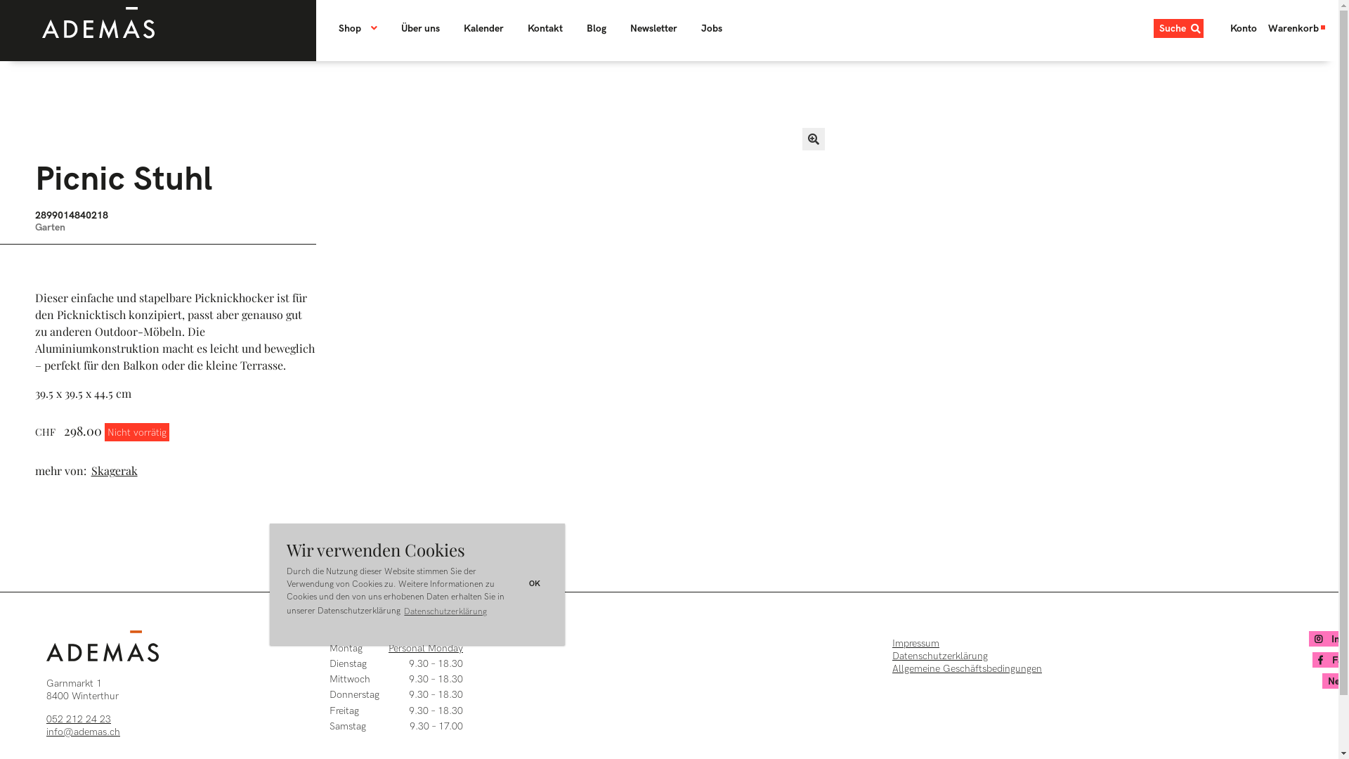  What do you see at coordinates (116, 471) in the screenshot?
I see `'Skagerak'` at bounding box center [116, 471].